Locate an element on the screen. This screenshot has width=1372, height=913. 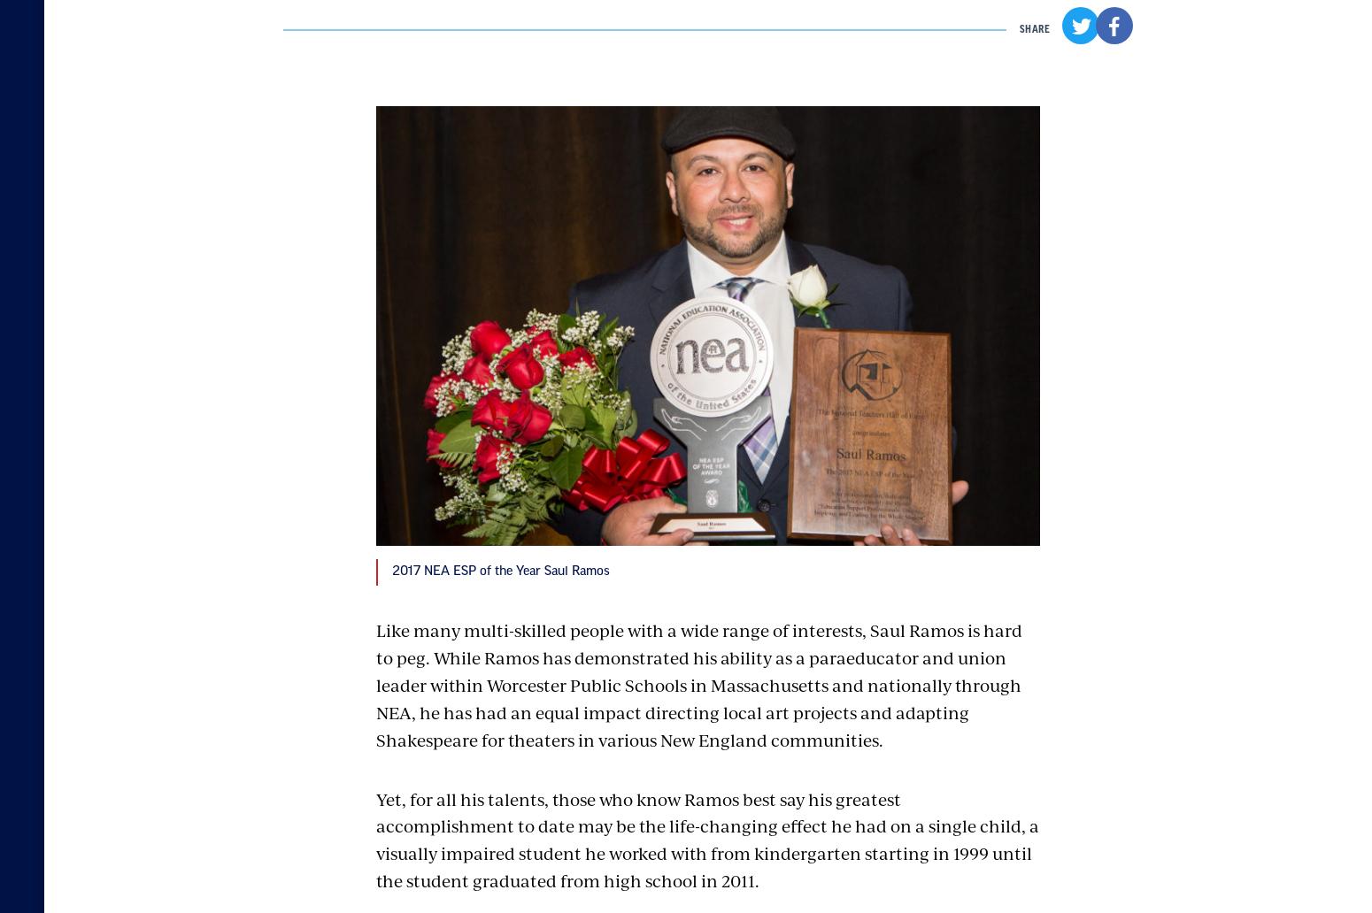
'Research & Publications' is located at coordinates (824, 728).